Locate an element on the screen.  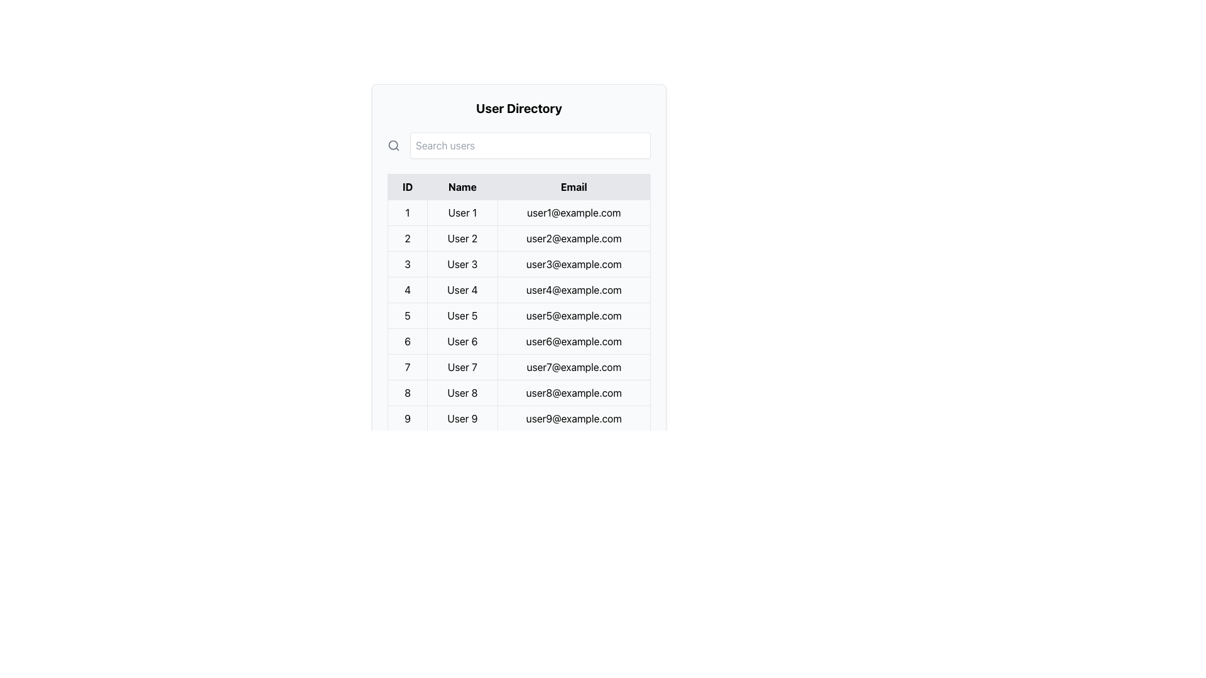
the text label displaying 'User 6' located in the 'Name' column of the user details table for user entry 6 is located at coordinates (462, 341).